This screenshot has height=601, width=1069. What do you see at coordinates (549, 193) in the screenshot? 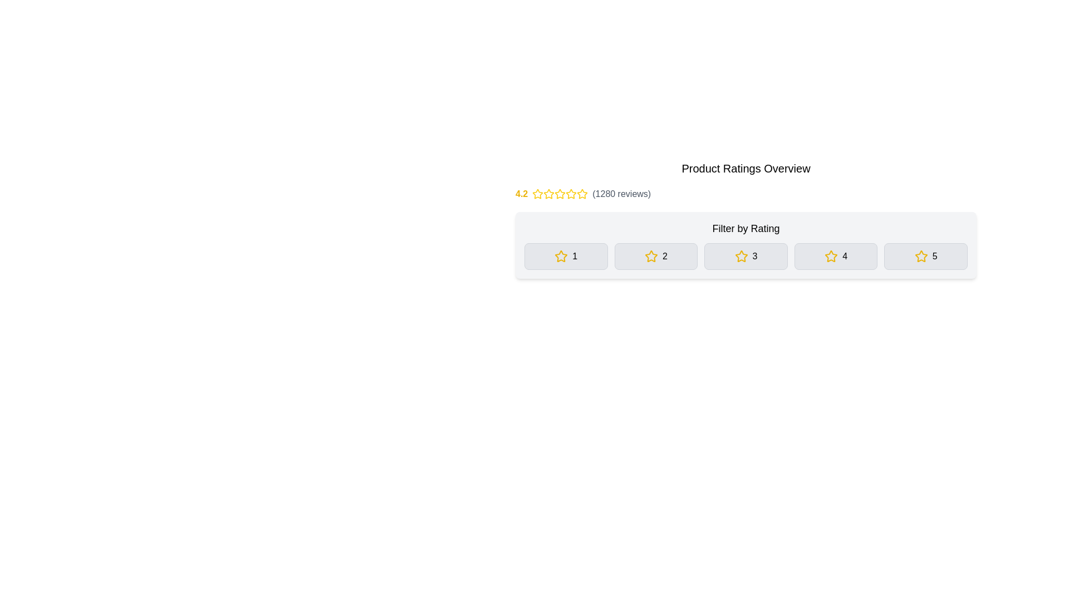
I see `the yellow outlined star icon with a white fill, which is the second star in a horizontal sequence representing an empty star in a rating system` at bounding box center [549, 193].